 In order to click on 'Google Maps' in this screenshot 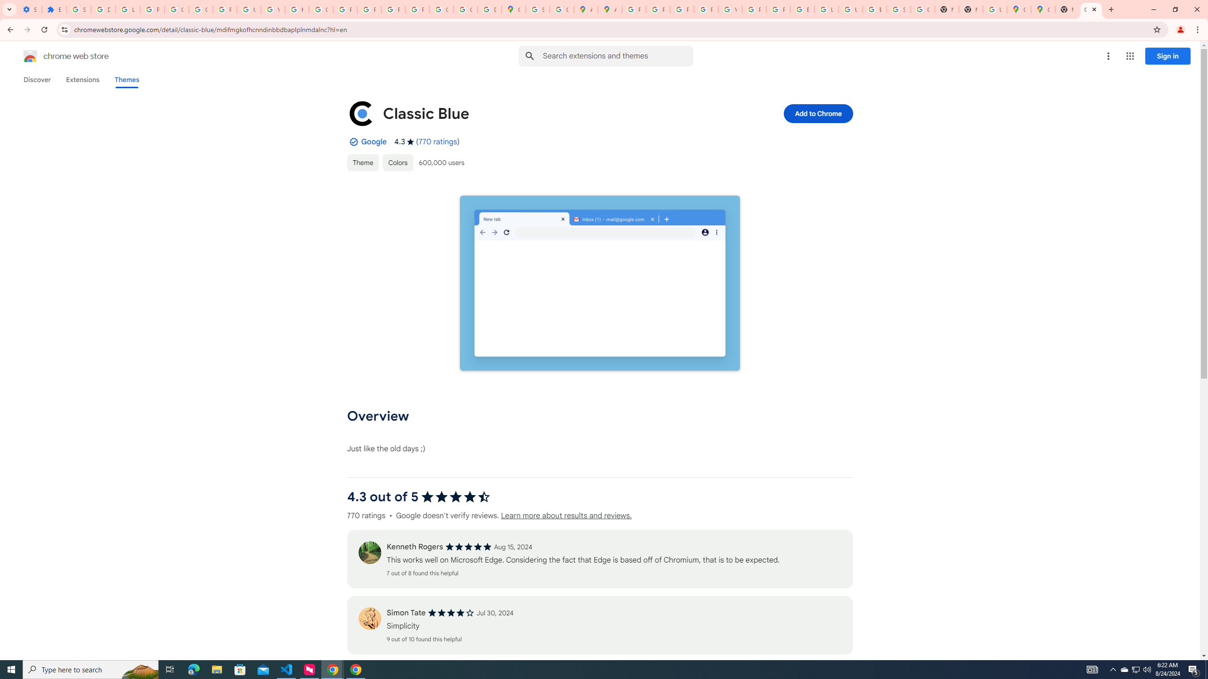, I will do `click(1019, 9)`.